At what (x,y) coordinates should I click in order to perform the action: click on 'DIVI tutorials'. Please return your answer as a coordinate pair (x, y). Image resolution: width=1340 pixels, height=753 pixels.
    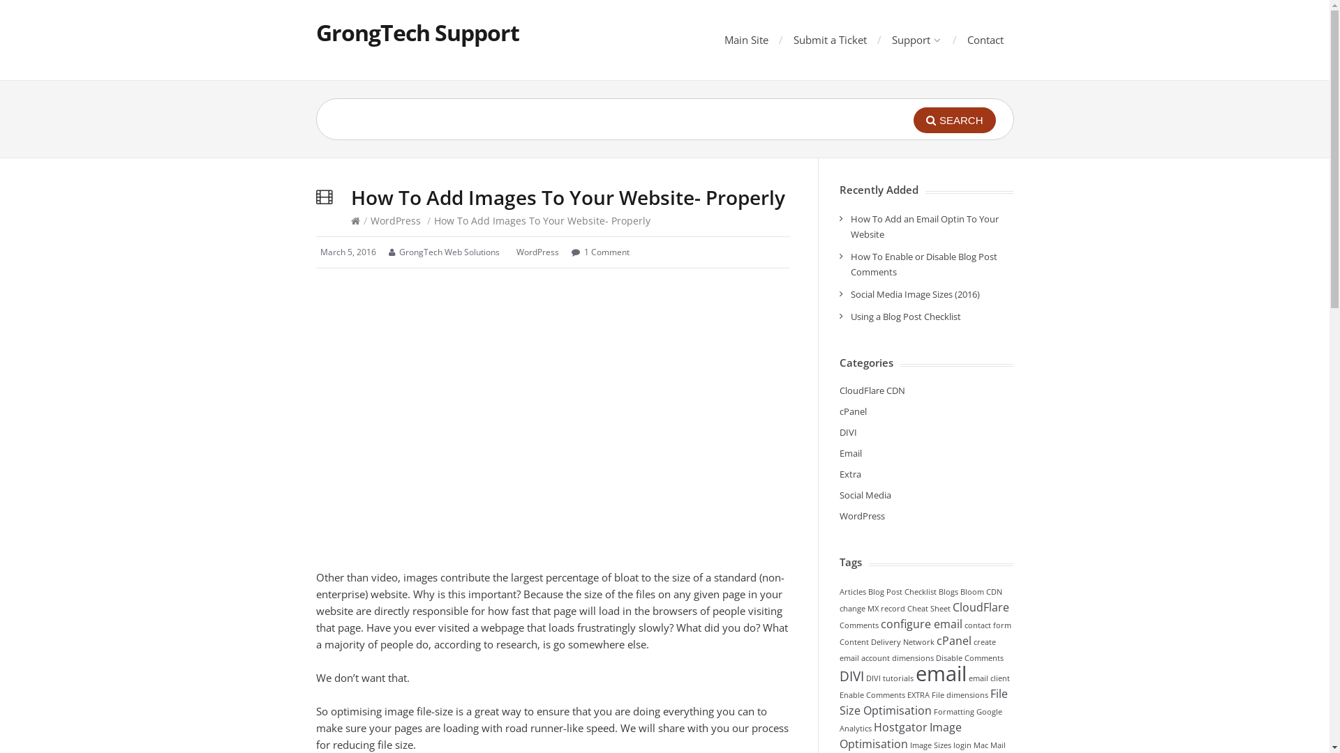
    Looking at the image, I should click on (888, 677).